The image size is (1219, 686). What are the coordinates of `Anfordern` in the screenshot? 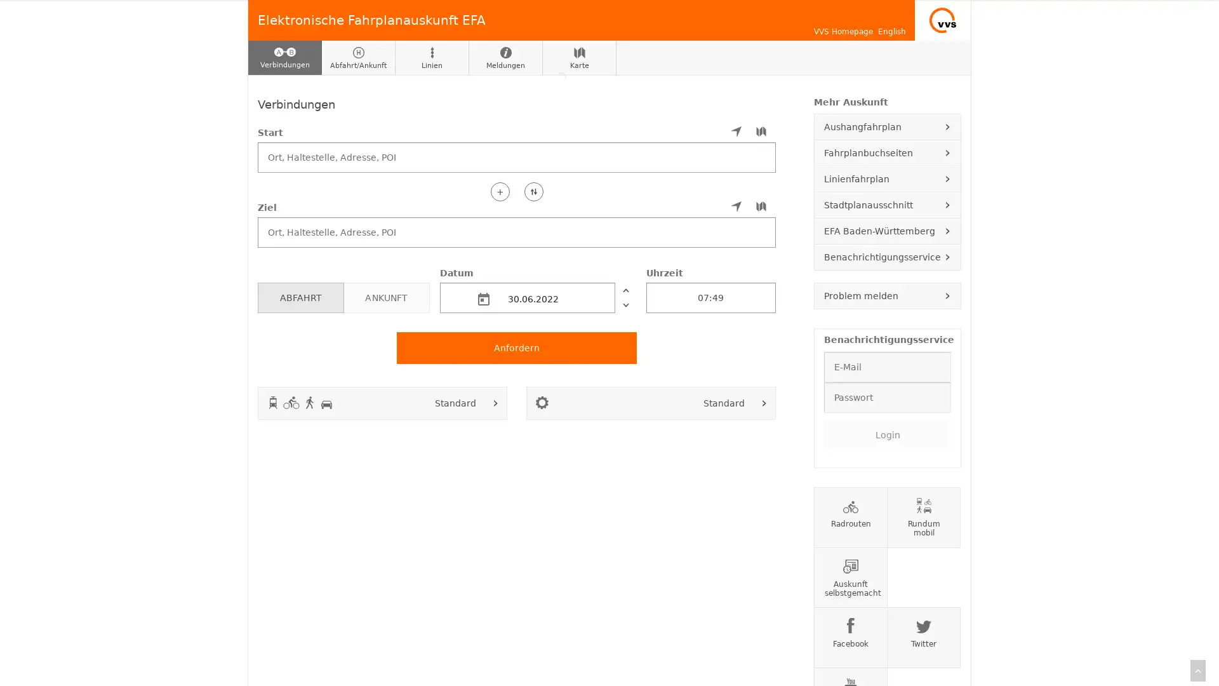 It's located at (517, 347).